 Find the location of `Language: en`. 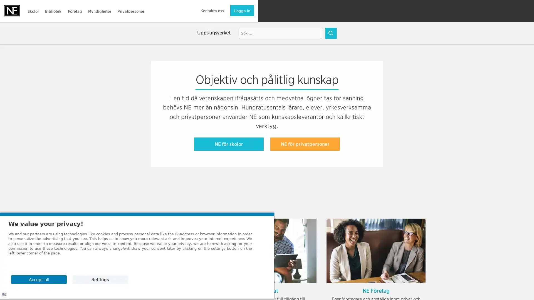

Language: en is located at coordinates (4, 294).